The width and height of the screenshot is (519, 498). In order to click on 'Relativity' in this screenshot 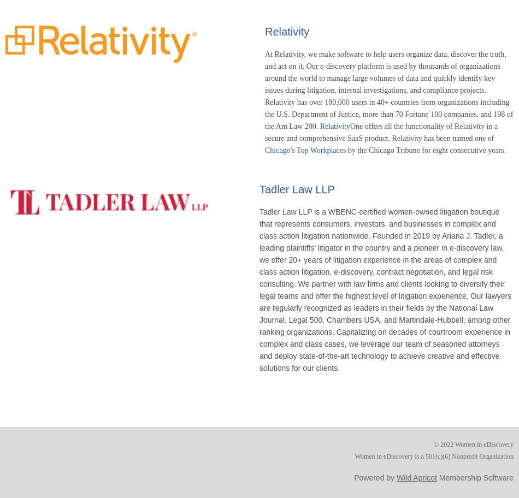, I will do `click(287, 31)`.